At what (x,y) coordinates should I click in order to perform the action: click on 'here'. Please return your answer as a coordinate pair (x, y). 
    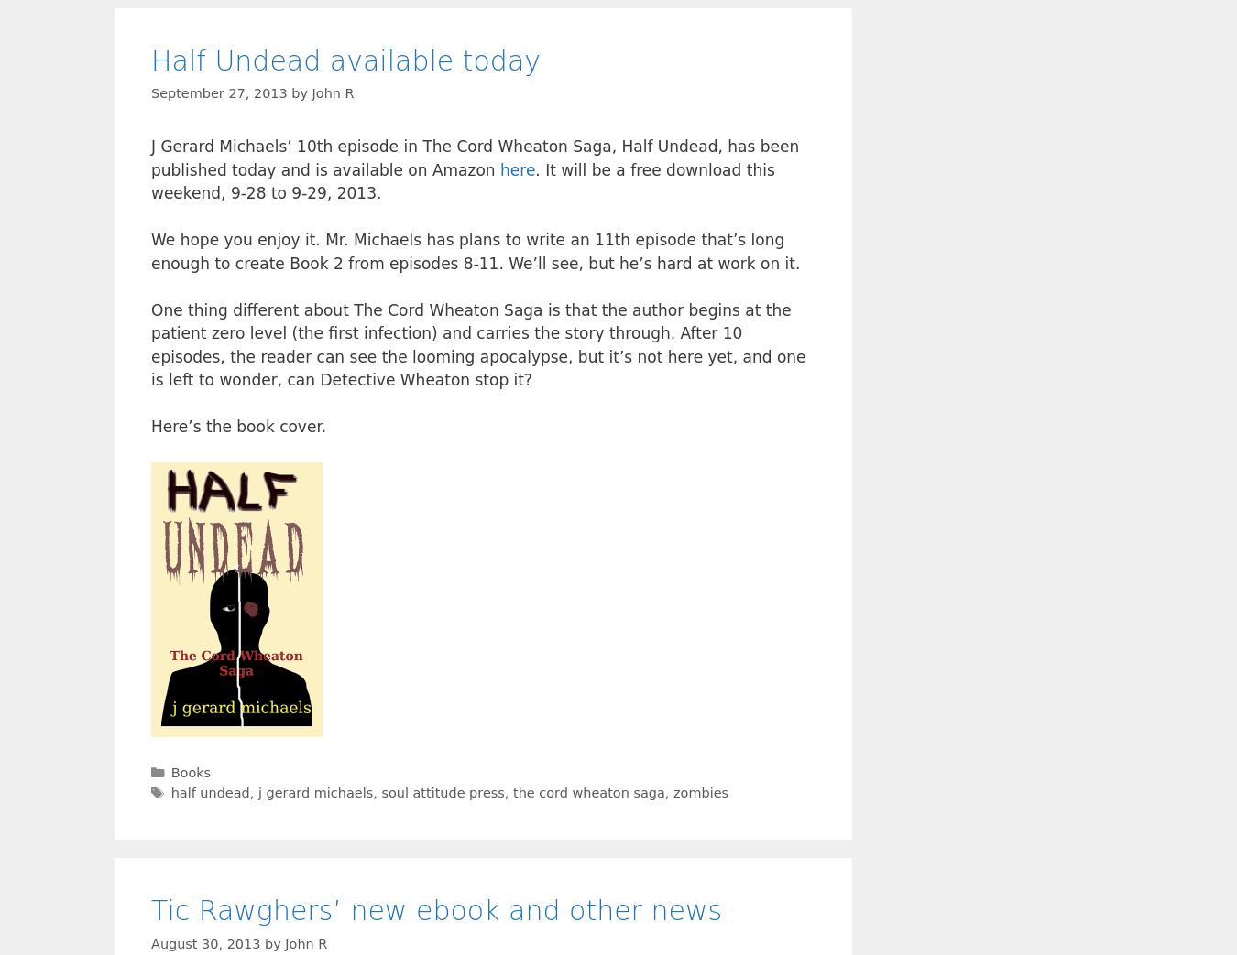
    Looking at the image, I should click on (498, 168).